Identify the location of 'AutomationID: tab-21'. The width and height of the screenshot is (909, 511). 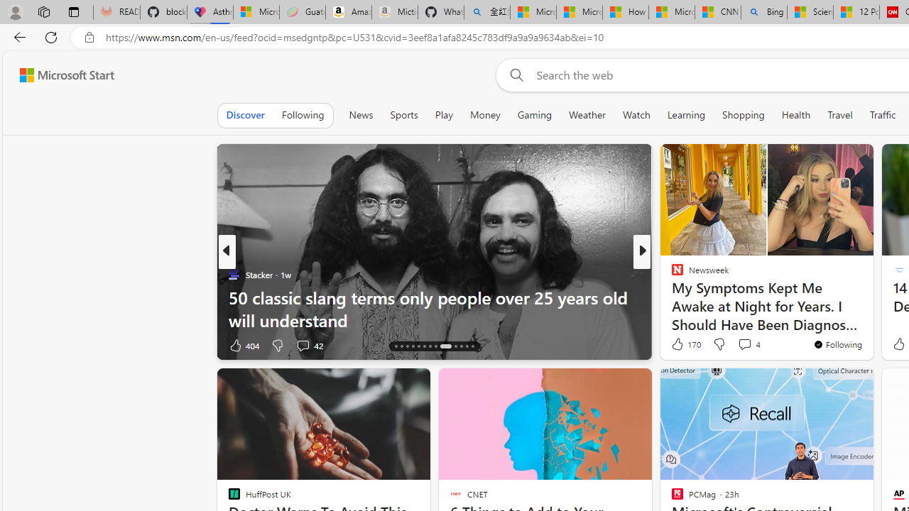
(435, 346).